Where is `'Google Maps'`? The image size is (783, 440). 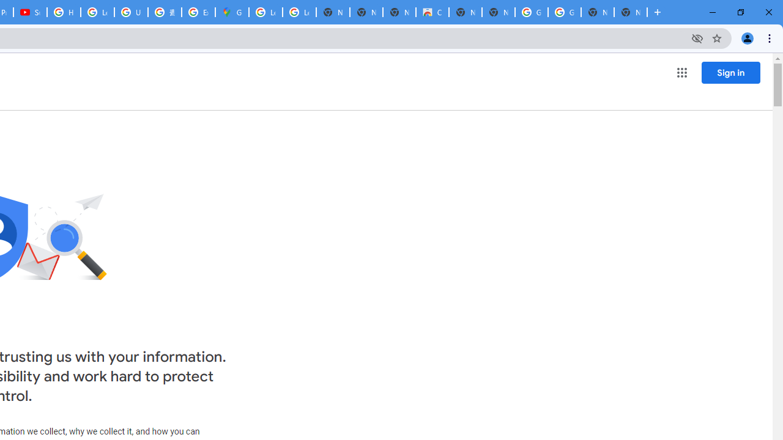
'Google Maps' is located at coordinates (232, 12).